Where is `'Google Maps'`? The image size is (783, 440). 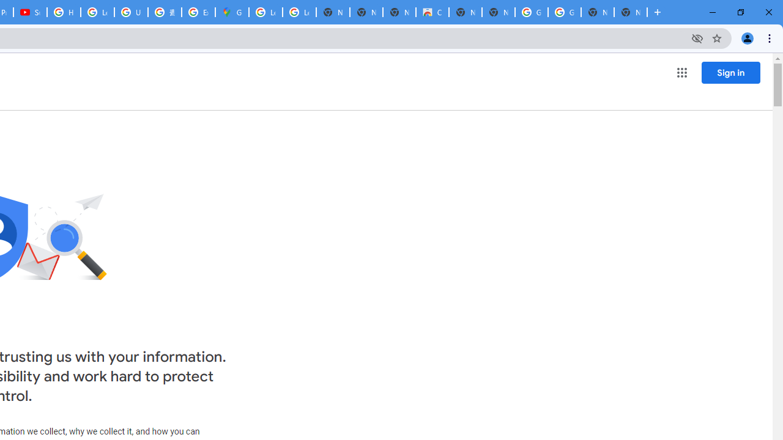
'Google Maps' is located at coordinates (232, 12).